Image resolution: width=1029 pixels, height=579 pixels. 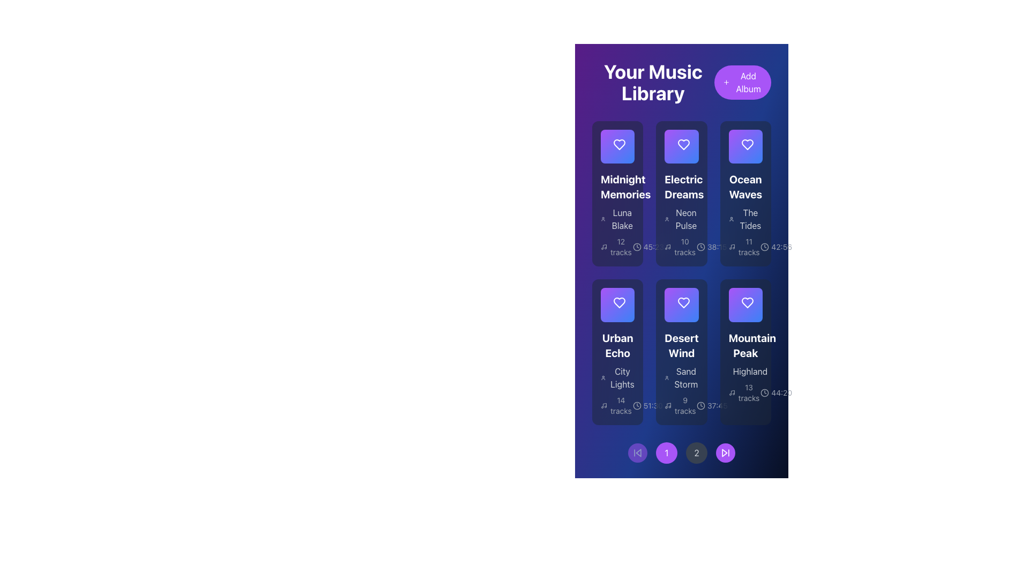 What do you see at coordinates (637, 405) in the screenshot?
I see `the Clock Icon associated with the time duration '51:30' located within the 'Urban Echo' card, positioned below '14 tracks' and above the music icon` at bounding box center [637, 405].